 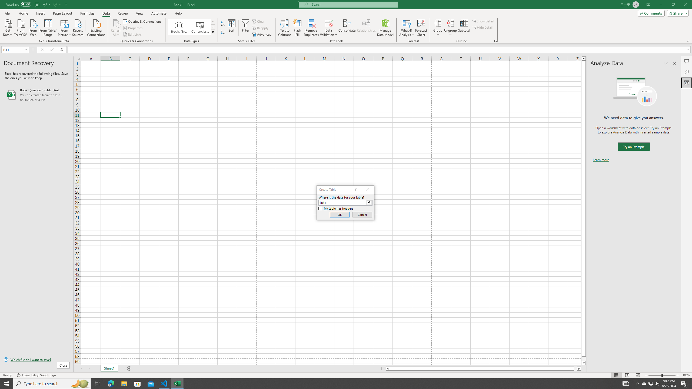 I want to click on 'Search', so click(x=686, y=72).